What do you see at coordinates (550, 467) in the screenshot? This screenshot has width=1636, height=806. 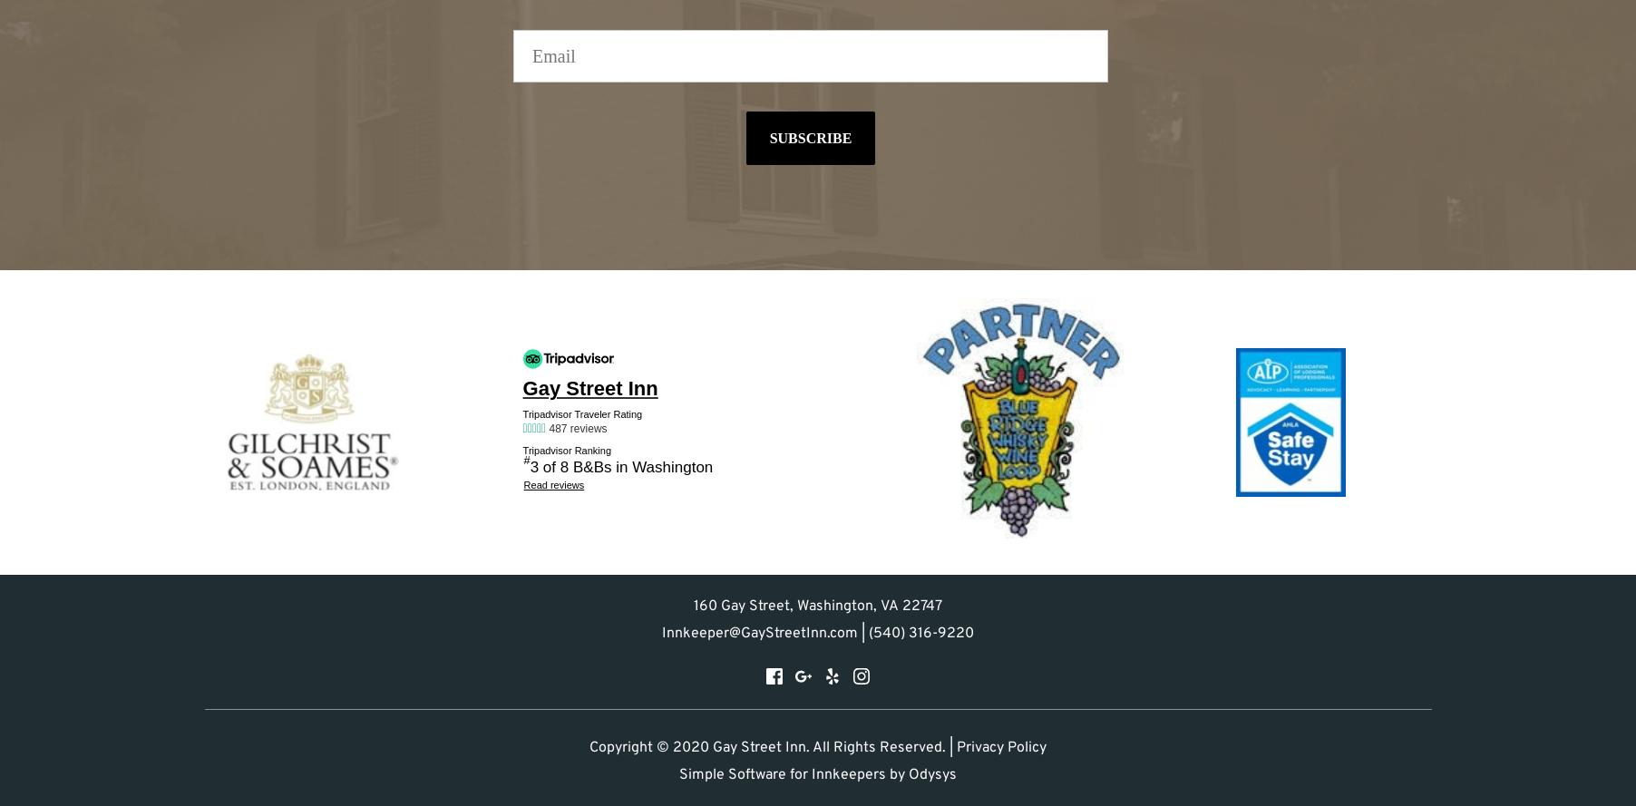 I see `'3 of 8'` at bounding box center [550, 467].